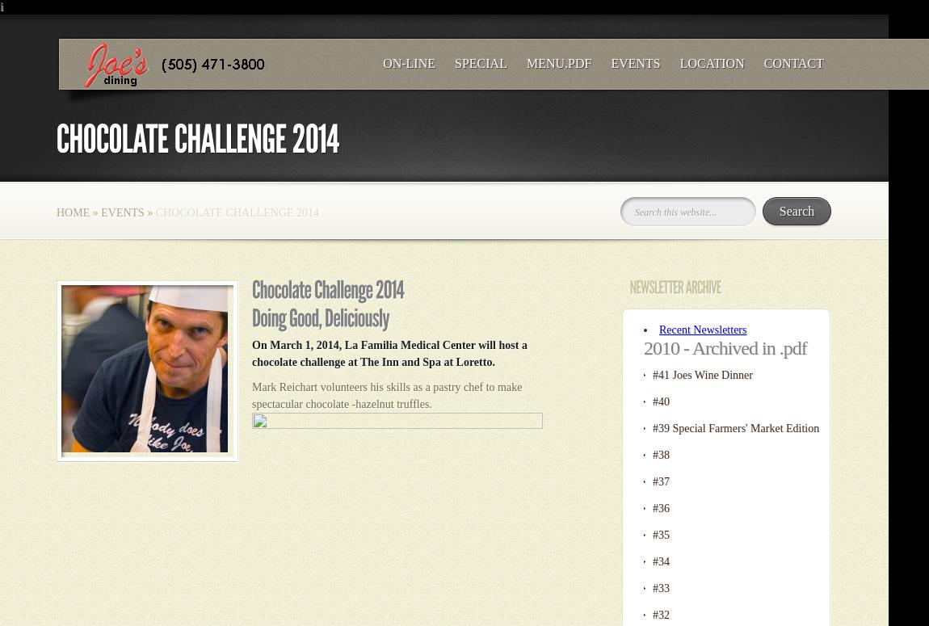 The image size is (929, 626). I want to click on 'On March 1, 2014, La Familia Medical Center will host a chocolate challenge at The Inn and Spa at Loretto.', so click(389, 354).